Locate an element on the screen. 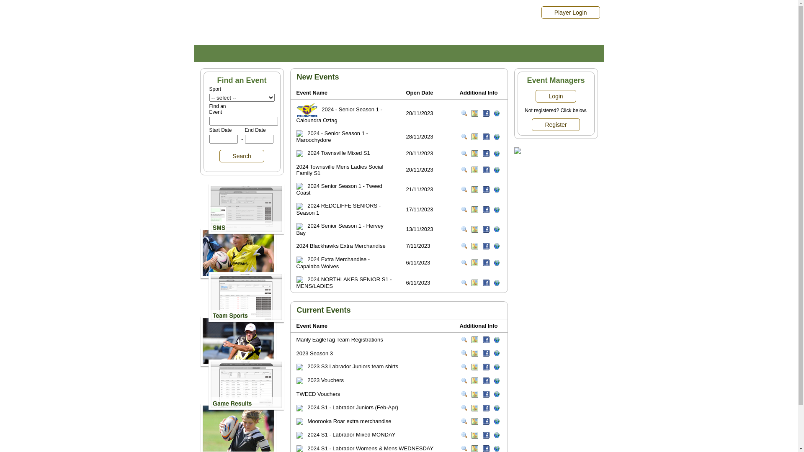  'Follow on facebook' is located at coordinates (486, 113).